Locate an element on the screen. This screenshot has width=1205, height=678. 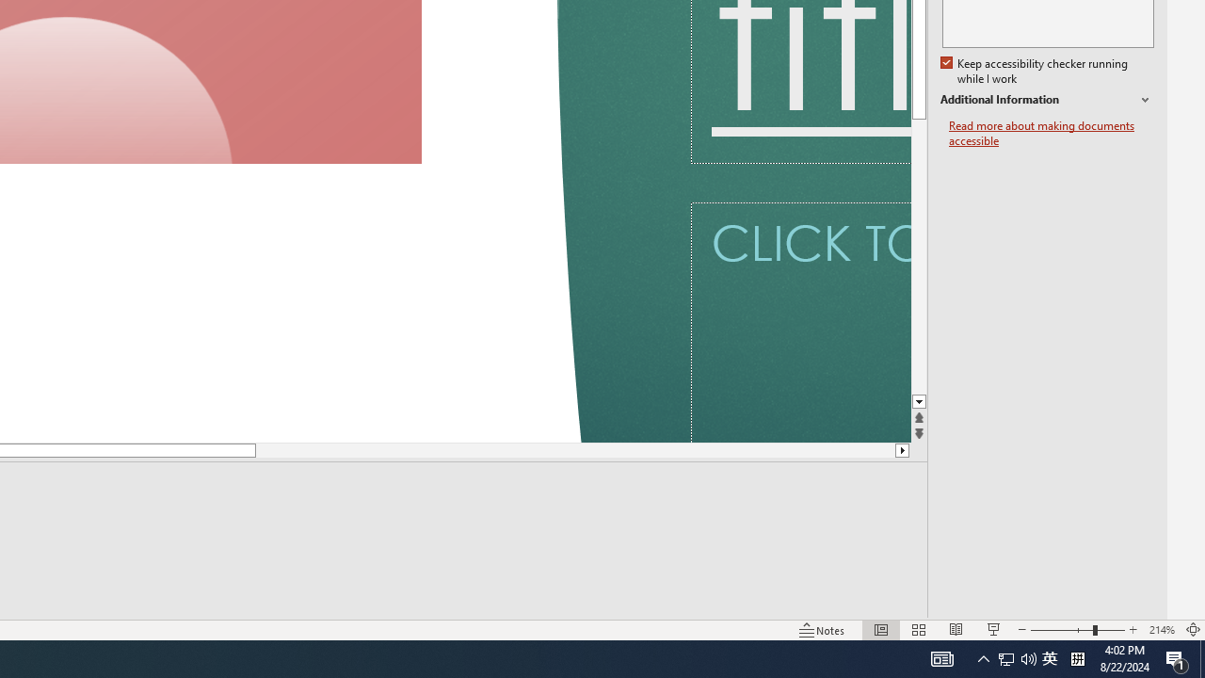
'Line down' is located at coordinates (919, 401).